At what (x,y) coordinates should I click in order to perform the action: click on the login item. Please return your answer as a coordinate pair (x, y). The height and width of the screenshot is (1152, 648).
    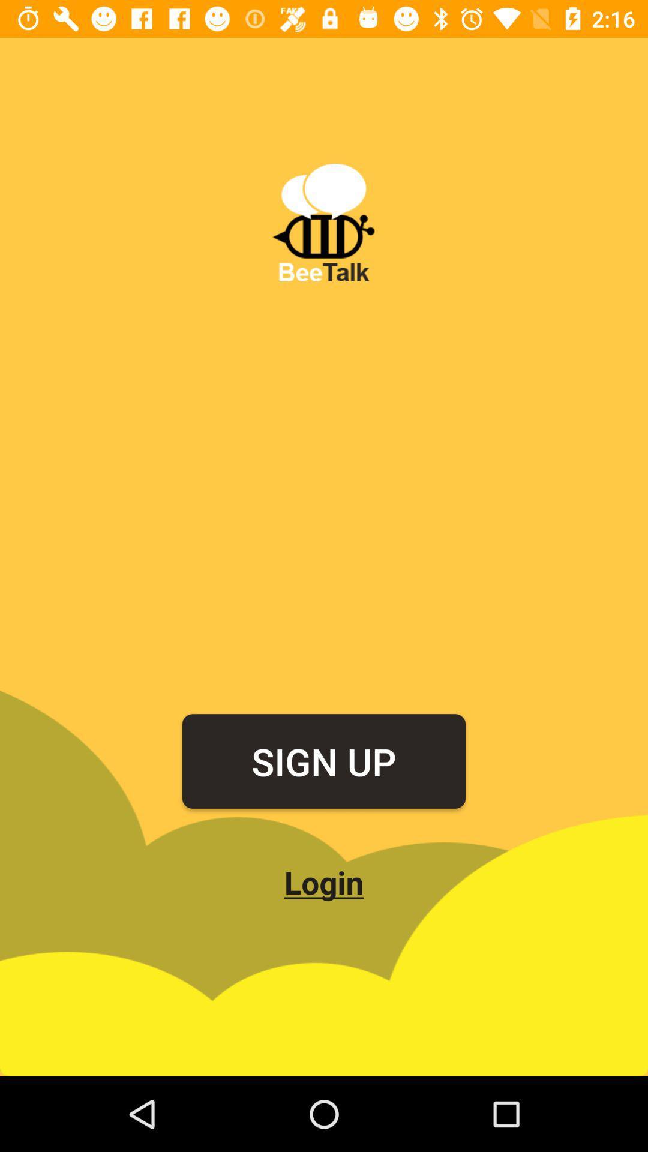
    Looking at the image, I should click on (324, 882).